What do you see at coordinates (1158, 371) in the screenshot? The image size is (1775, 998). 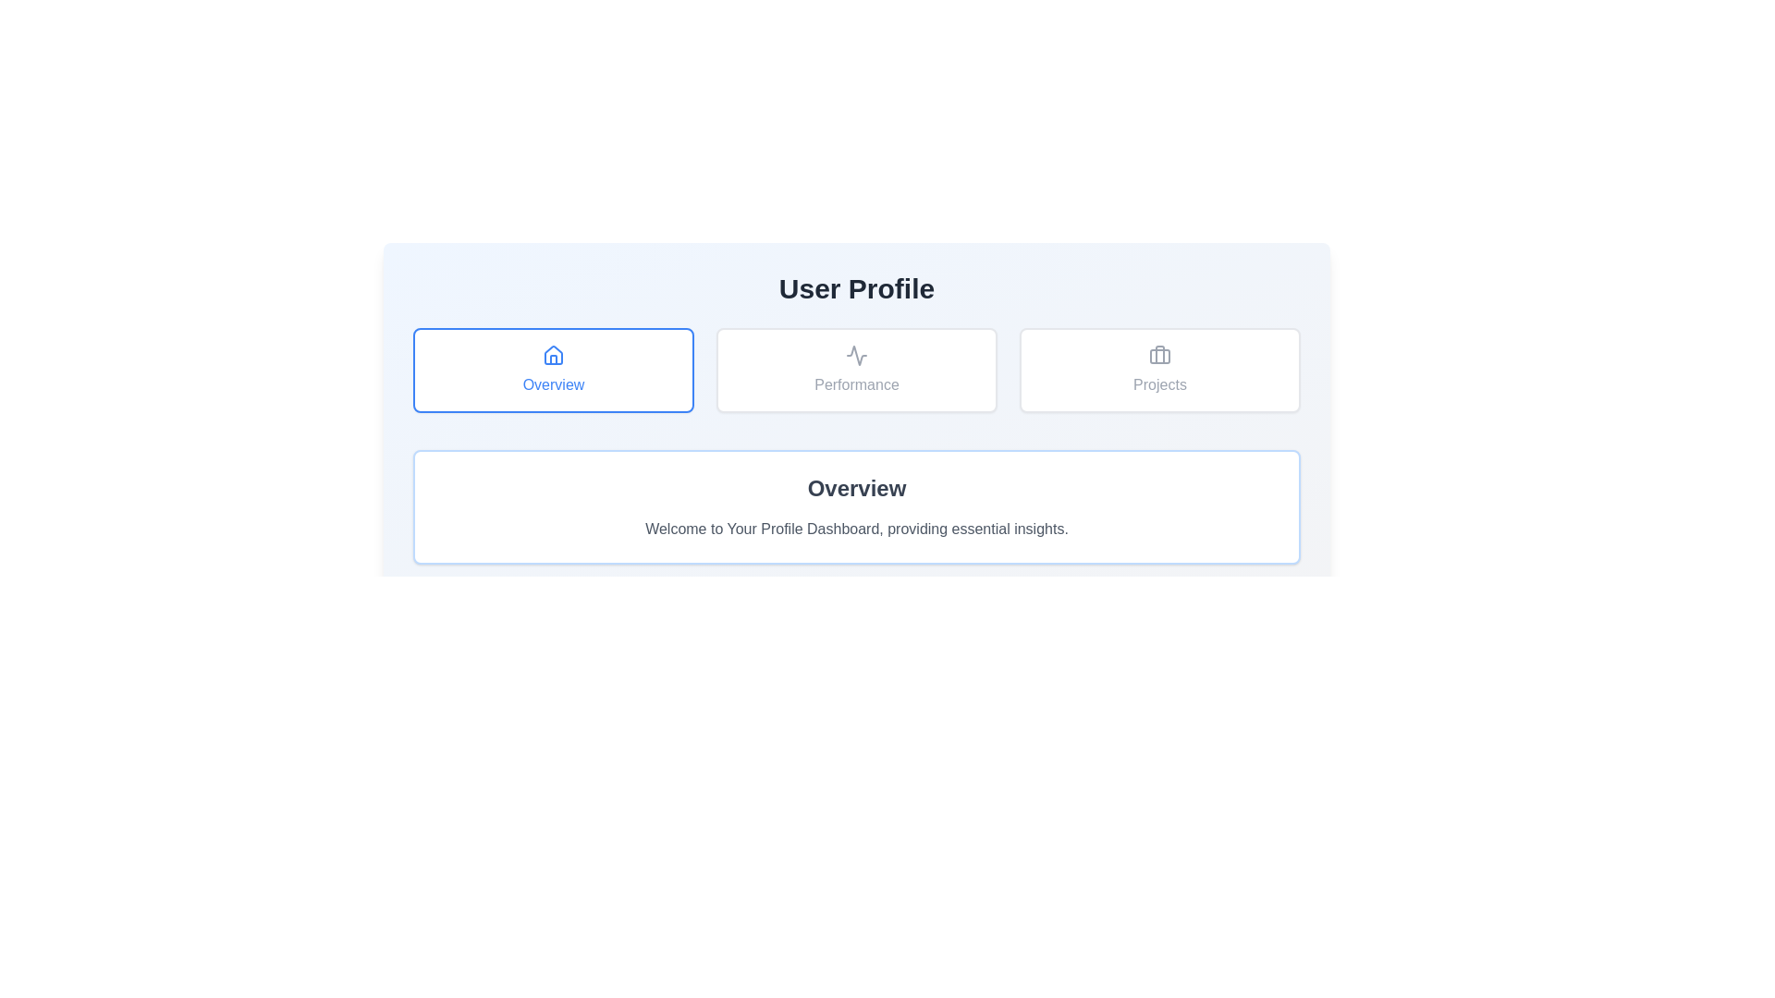 I see `the tab labeled Projects to view its content` at bounding box center [1158, 371].